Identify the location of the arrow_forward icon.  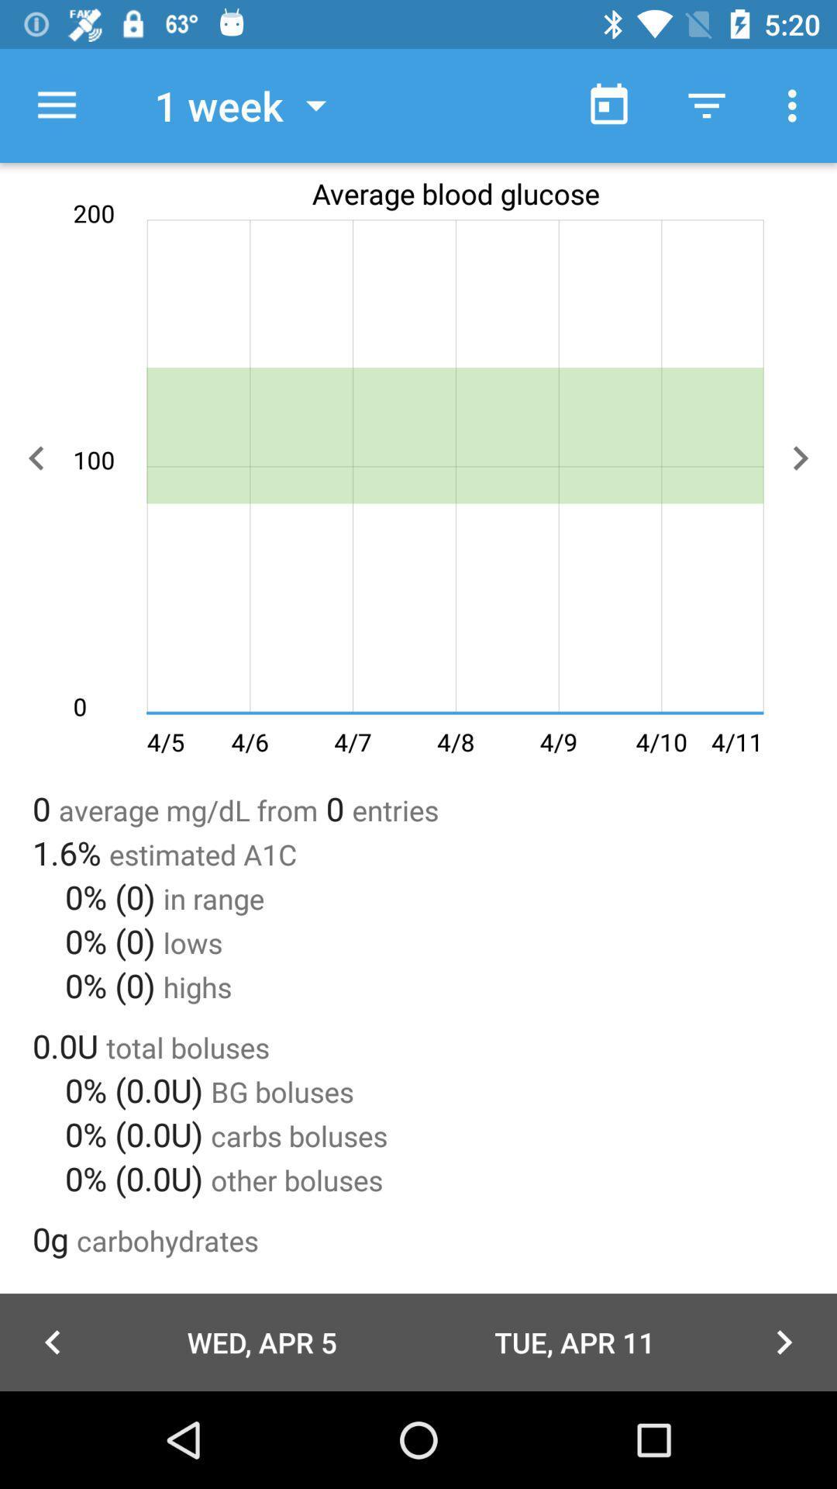
(784, 1342).